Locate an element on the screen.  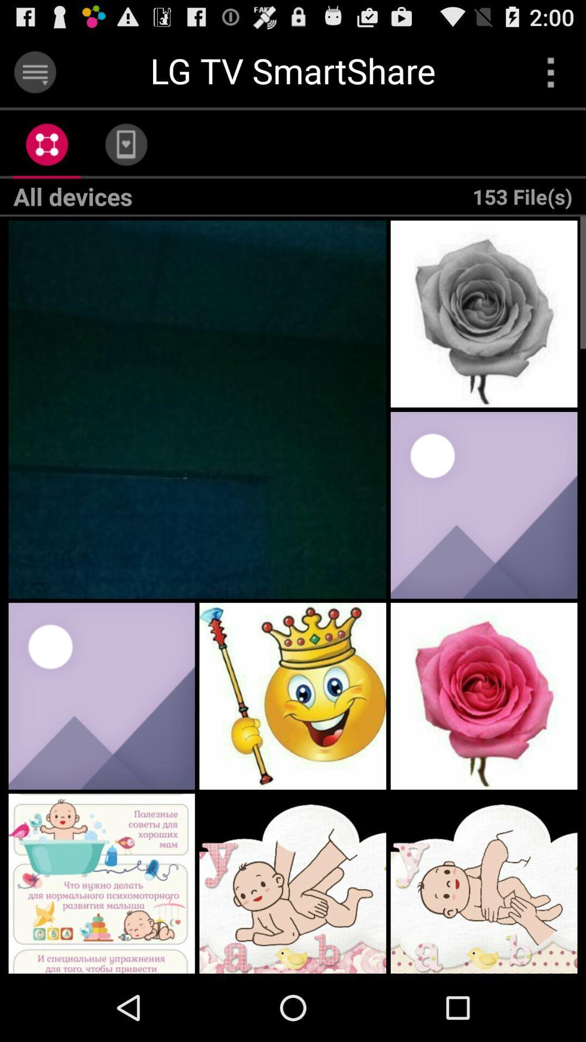
app above all devices is located at coordinates (125, 144).